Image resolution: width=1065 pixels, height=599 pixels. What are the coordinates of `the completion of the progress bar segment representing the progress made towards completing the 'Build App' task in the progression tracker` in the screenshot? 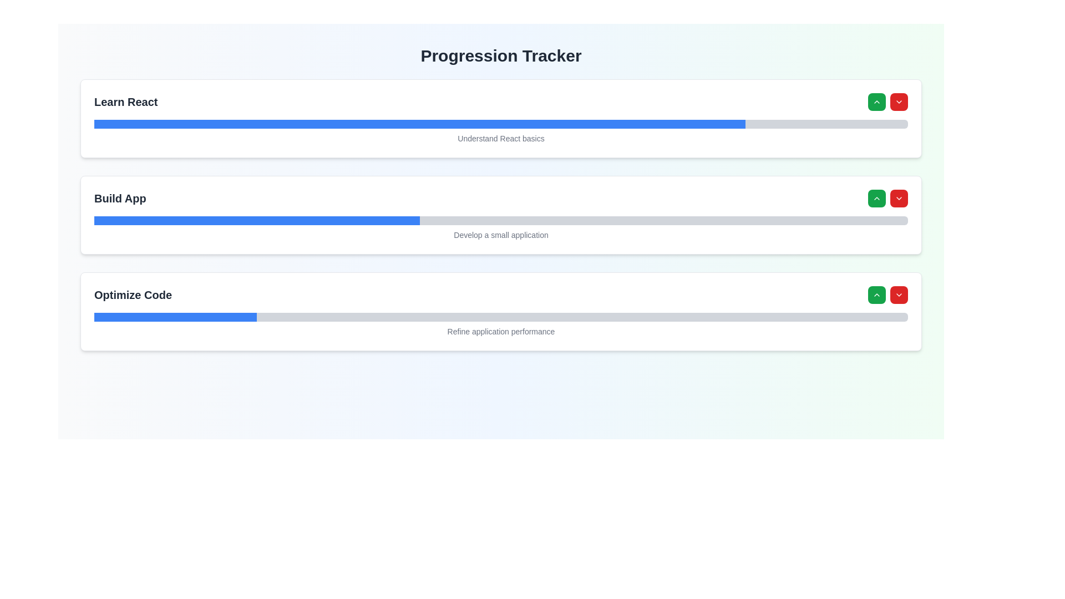 It's located at (256, 220).